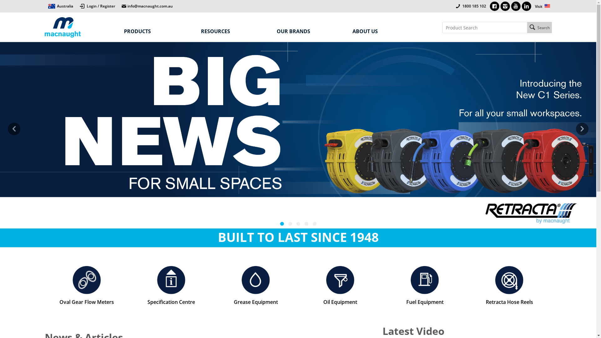  Describe the element at coordinates (255, 286) in the screenshot. I see `'Grease Equipment'` at that location.